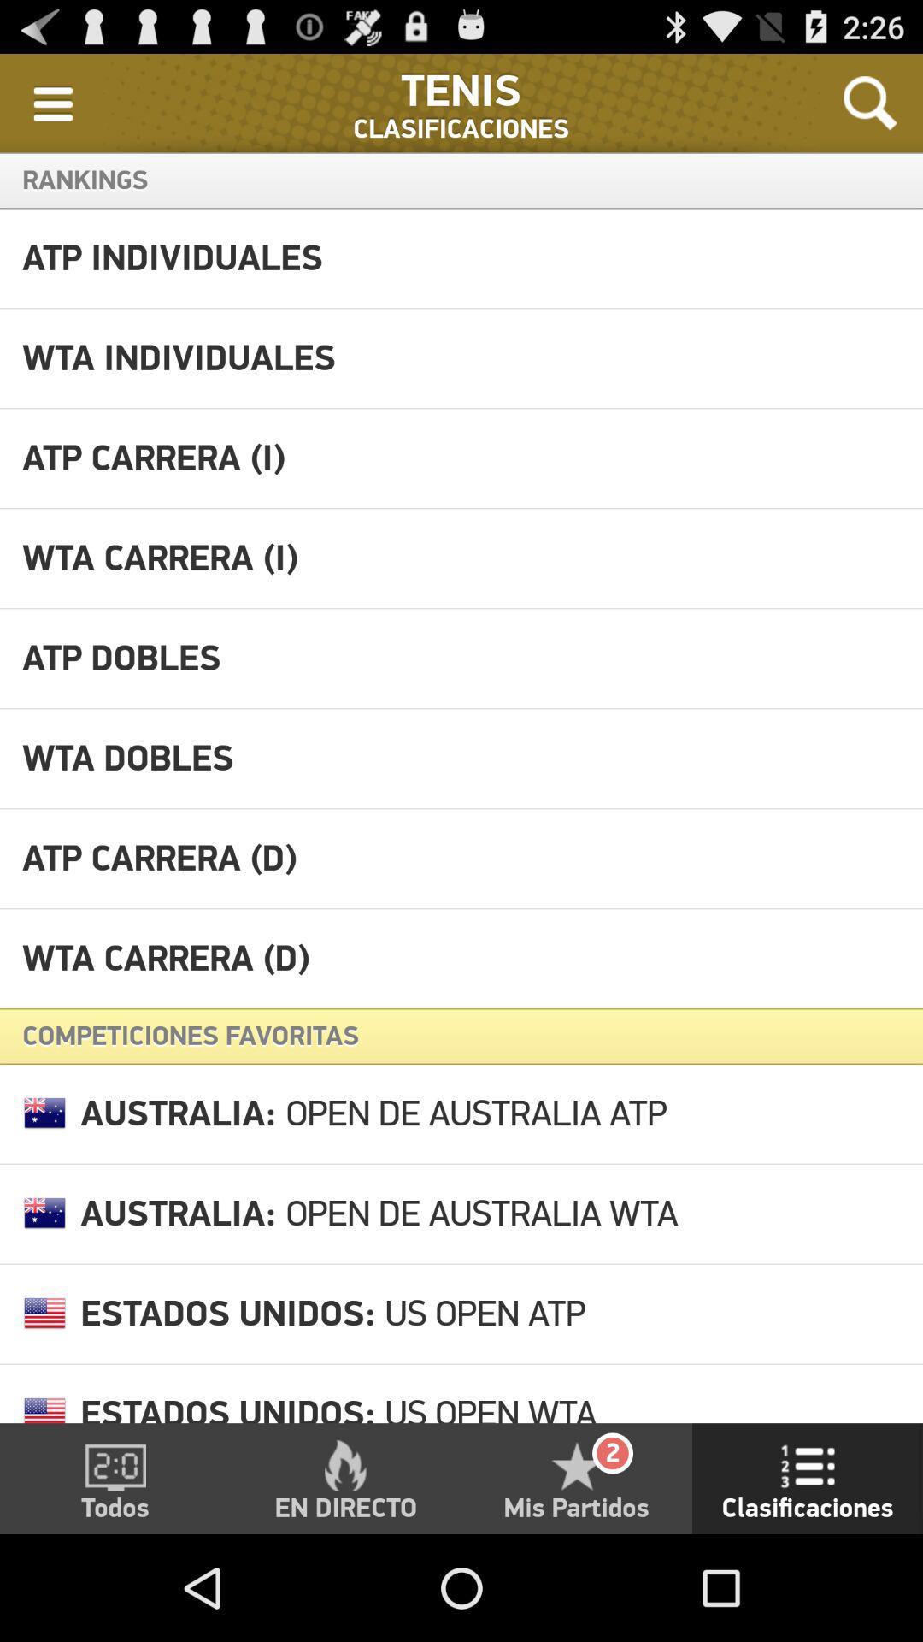 The width and height of the screenshot is (923, 1642). I want to click on the item to the right of clasificaciones icon, so click(870, 102).